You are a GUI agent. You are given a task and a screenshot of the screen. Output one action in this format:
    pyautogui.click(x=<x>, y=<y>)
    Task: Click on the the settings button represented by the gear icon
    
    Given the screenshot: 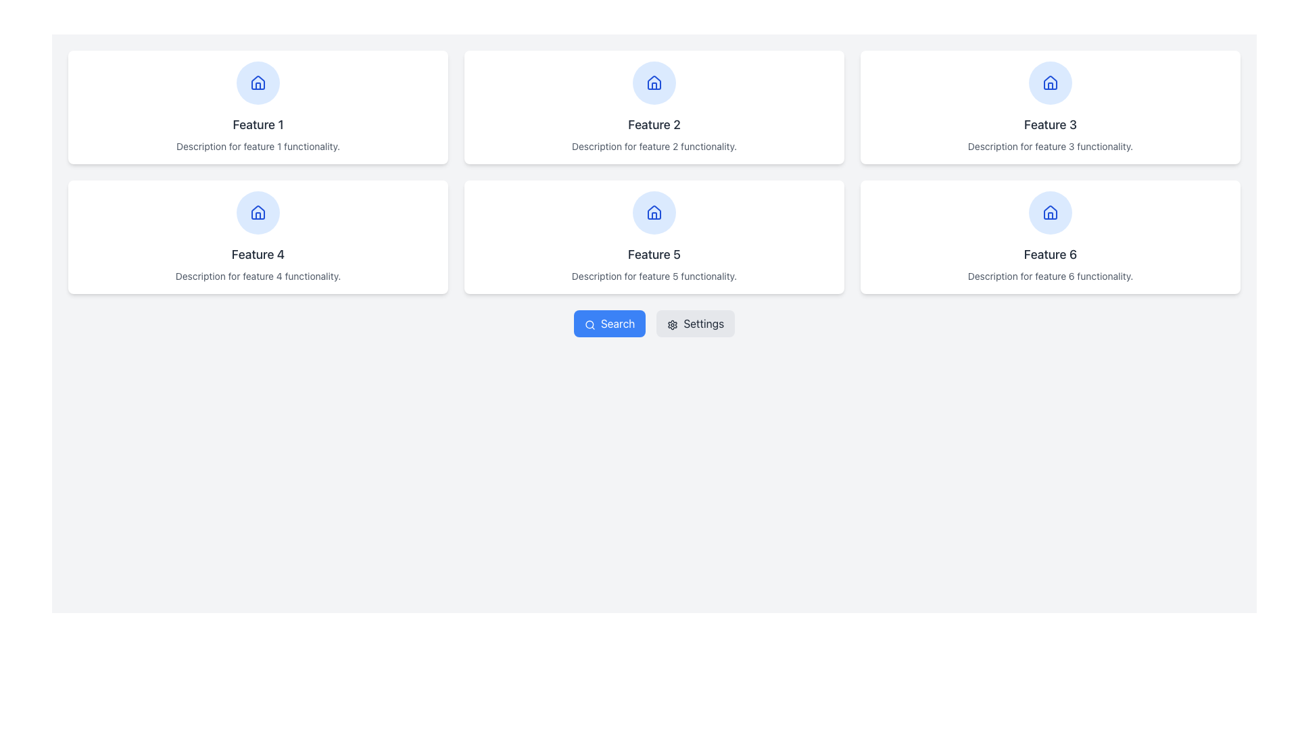 What is the action you would take?
    pyautogui.click(x=673, y=324)
    